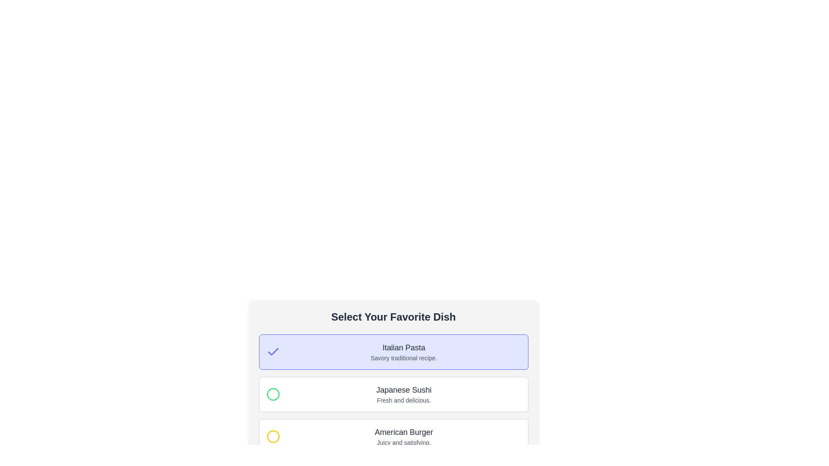 This screenshot has width=829, height=466. I want to click on the circular yellow outlined icon located to the left of the 'American Burger' text to interact, so click(272, 436).